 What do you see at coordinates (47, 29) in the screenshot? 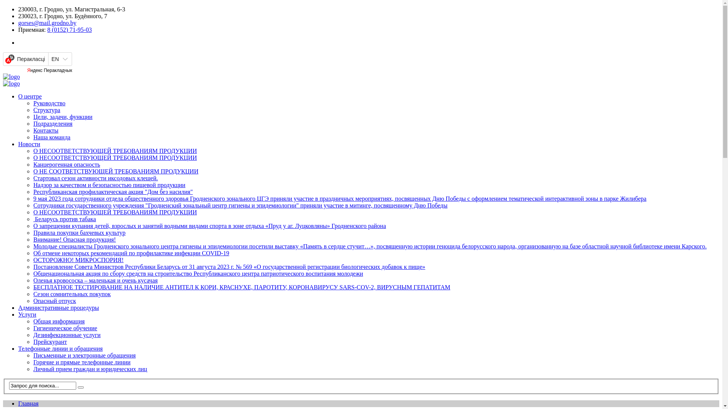
I see `'8 (0152) 71-95-03'` at bounding box center [47, 29].